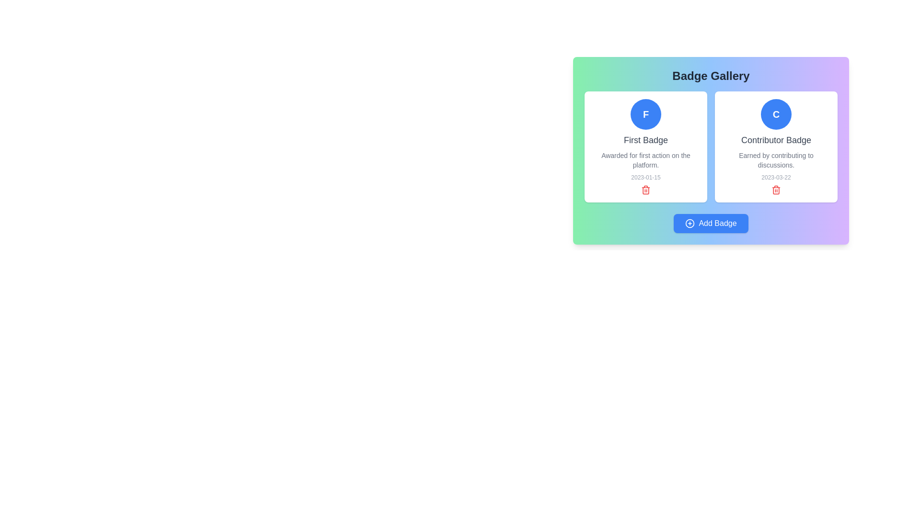 This screenshot has width=920, height=517. What do you see at coordinates (711, 223) in the screenshot?
I see `the 'Add Badge' button, which has a blue background and white text, to initiate the action of adding a badge` at bounding box center [711, 223].